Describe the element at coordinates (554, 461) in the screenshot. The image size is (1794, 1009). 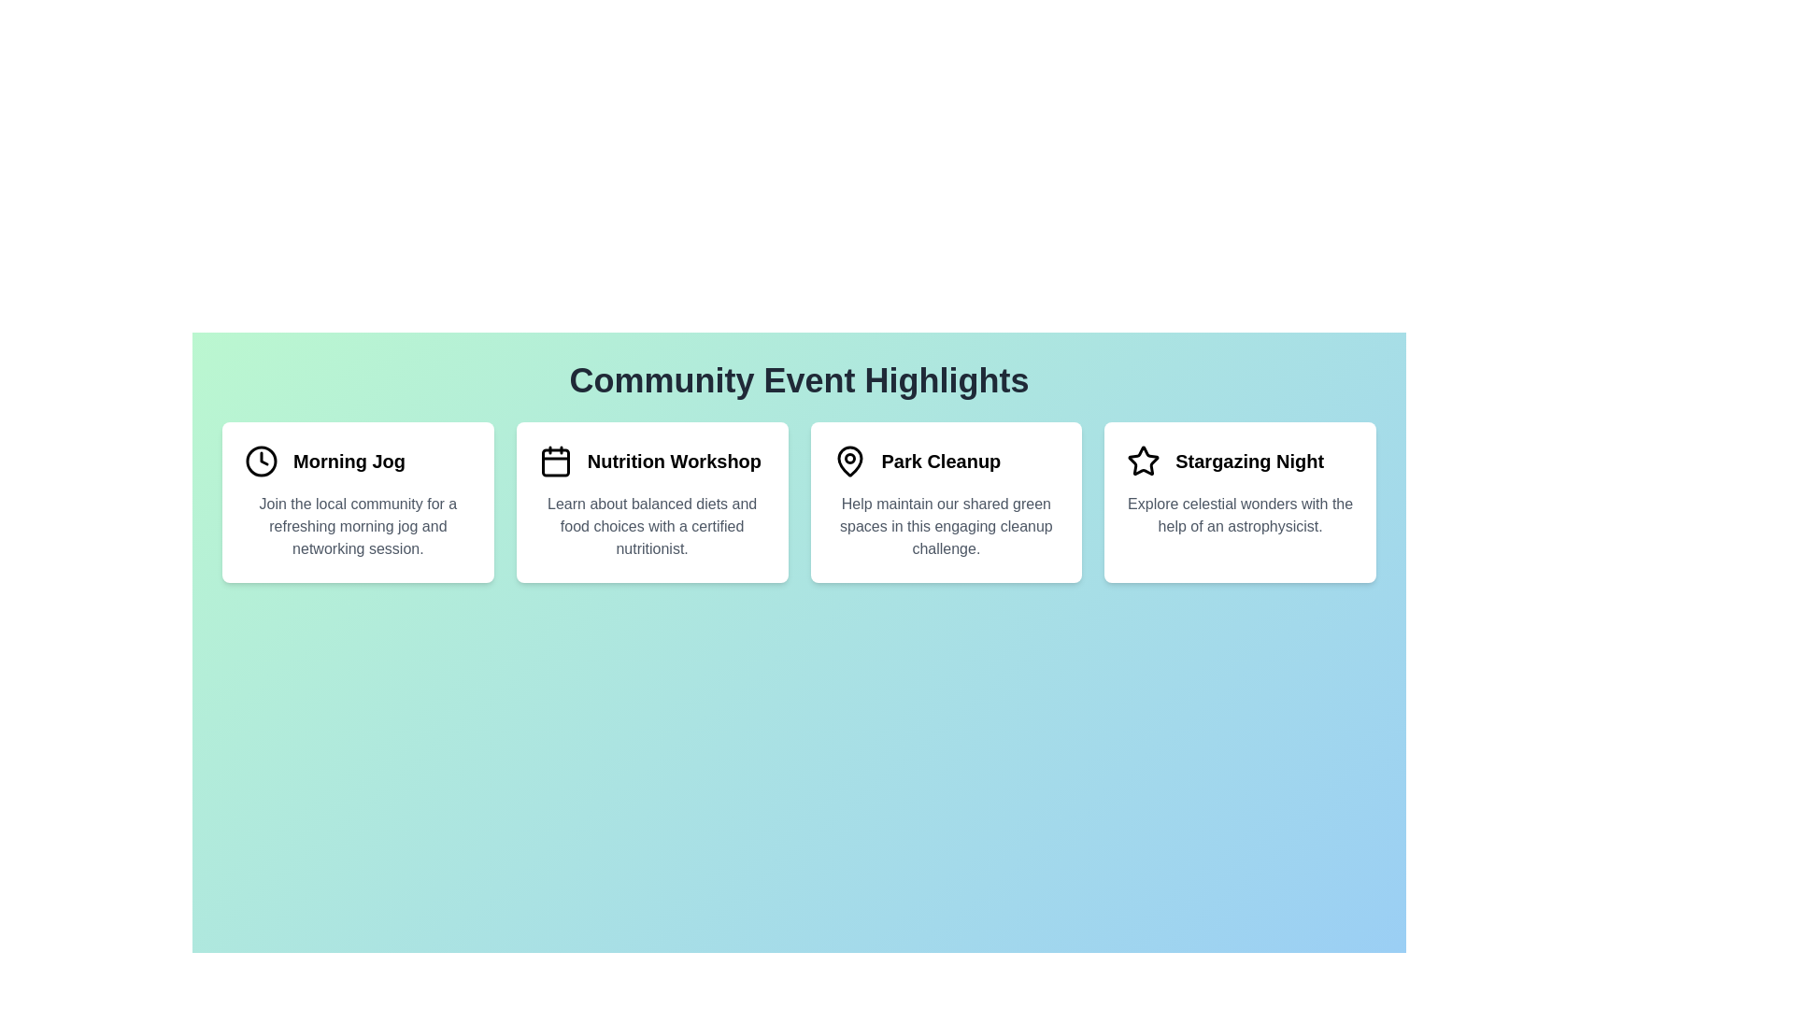
I see `the calendar SVG icon located at the upper-left corner of the 'Nutrition Workshop' event card, which signifies scheduling or event-related information` at that location.